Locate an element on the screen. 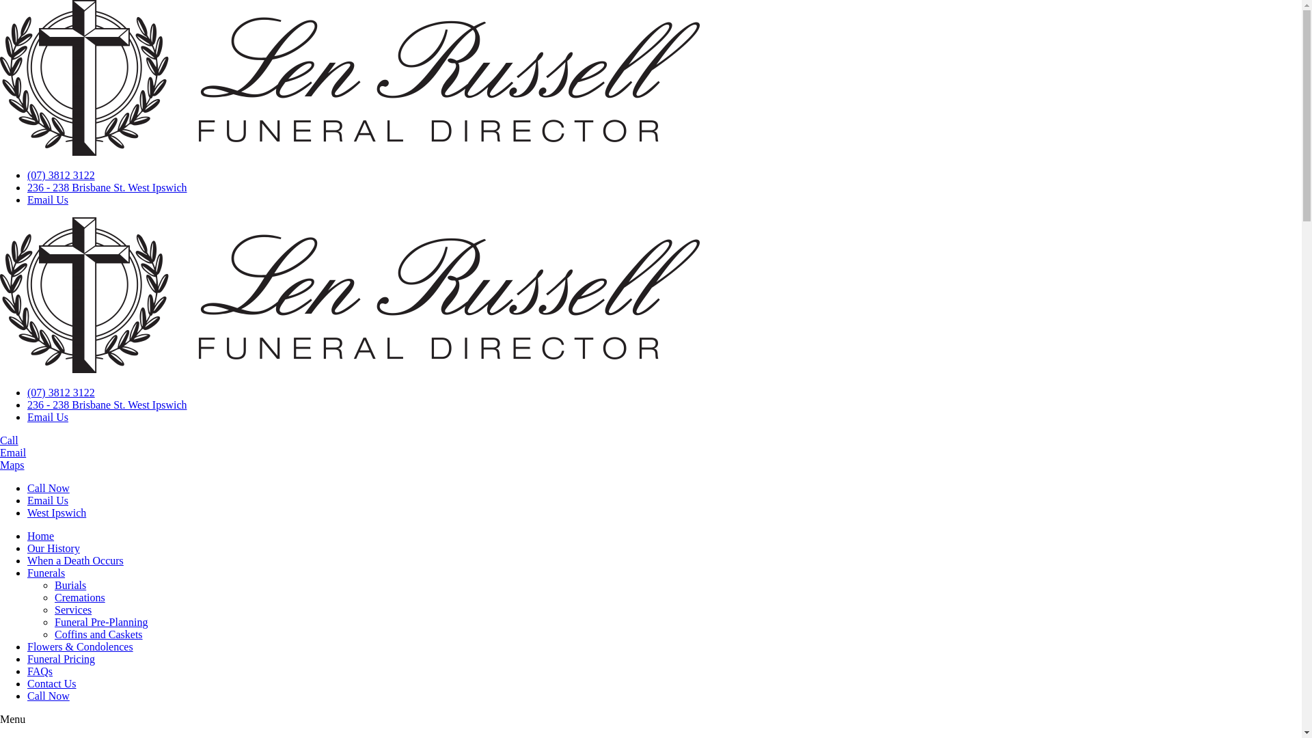  'Contact Us' is located at coordinates (52, 683).